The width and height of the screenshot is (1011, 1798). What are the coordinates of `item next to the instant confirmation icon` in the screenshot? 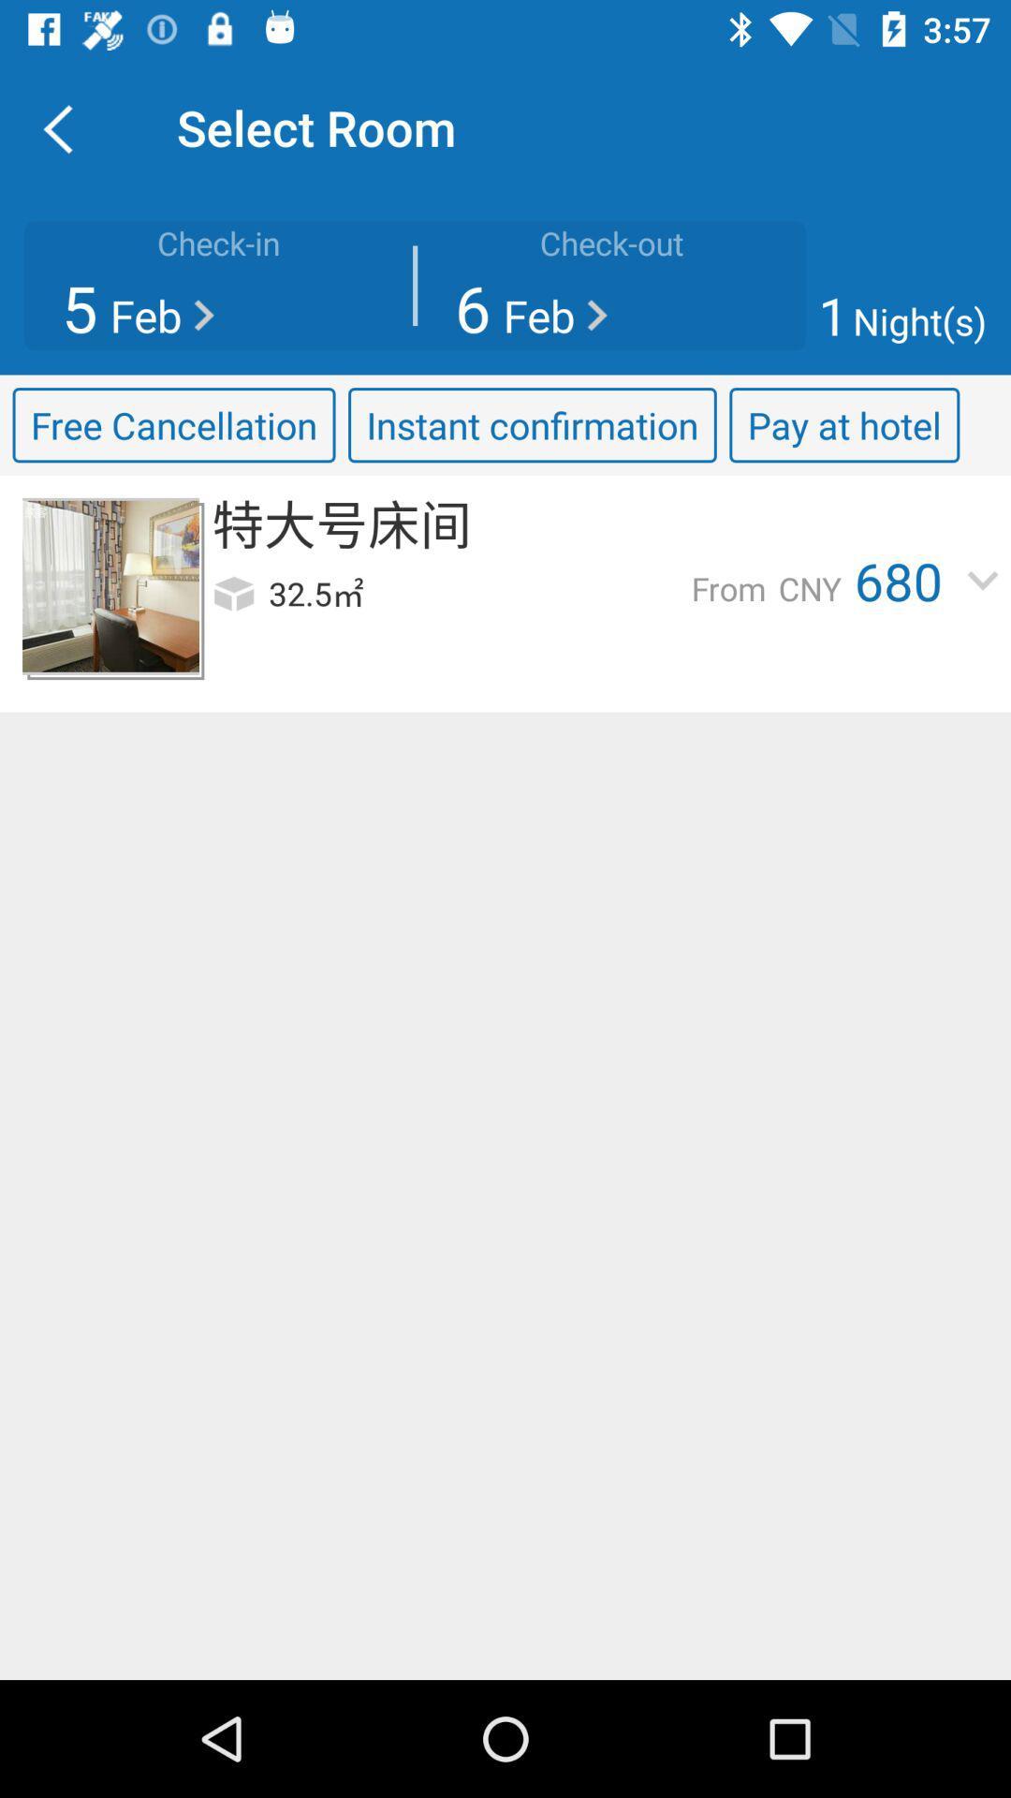 It's located at (844, 424).